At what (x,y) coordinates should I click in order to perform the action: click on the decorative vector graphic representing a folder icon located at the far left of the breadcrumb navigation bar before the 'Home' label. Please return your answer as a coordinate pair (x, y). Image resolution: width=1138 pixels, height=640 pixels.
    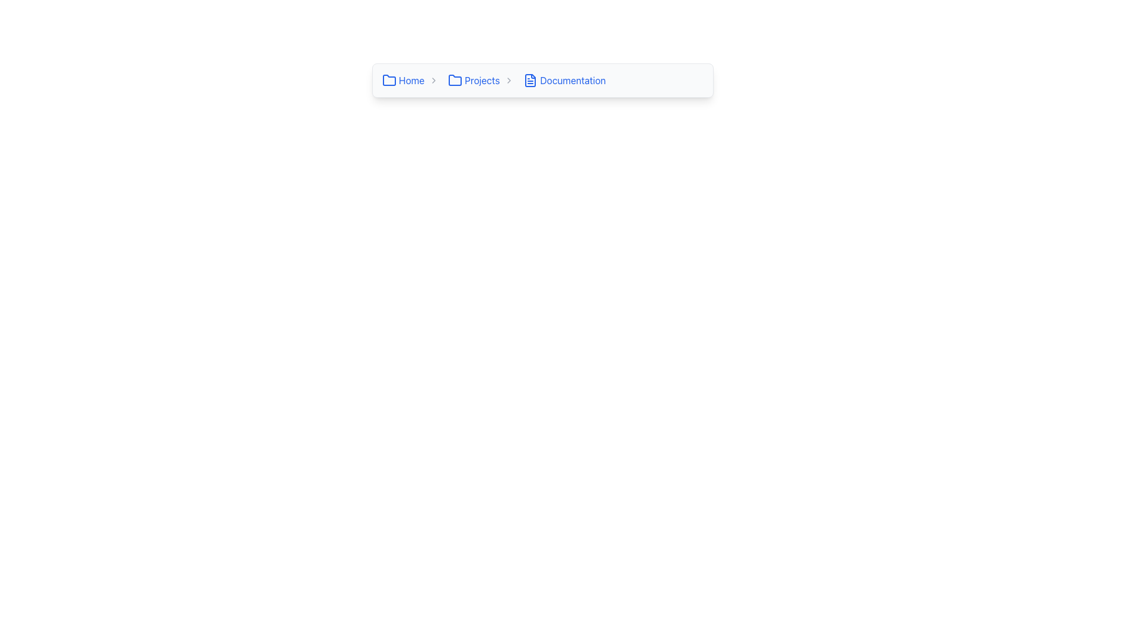
    Looking at the image, I should click on (455, 80).